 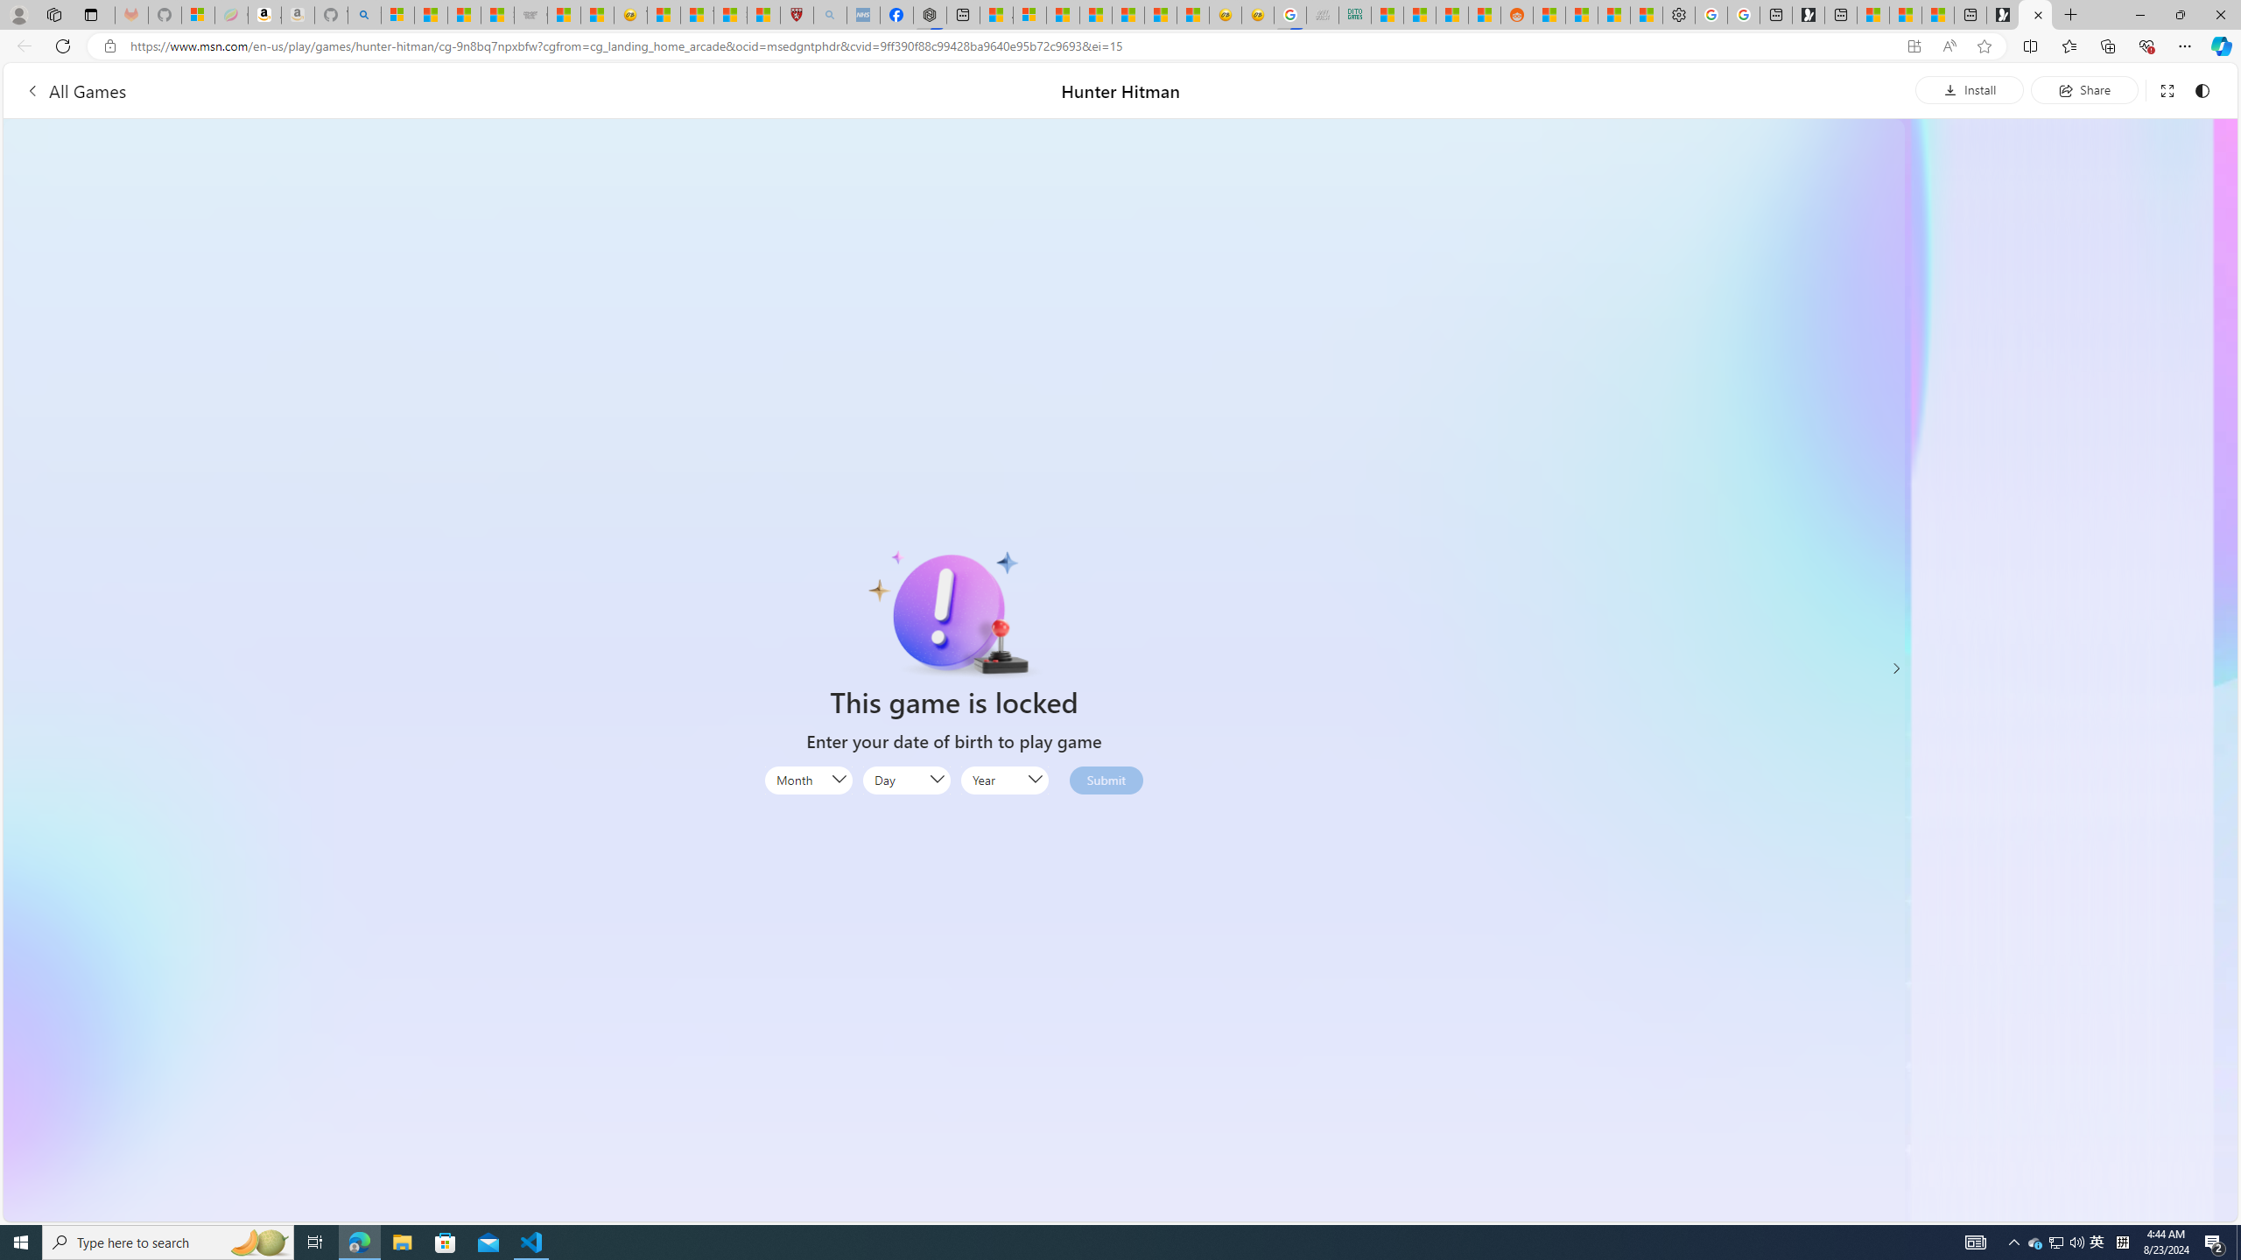 I want to click on 'list of asthma inhalers uk - Search - Sleeping', so click(x=829, y=14).